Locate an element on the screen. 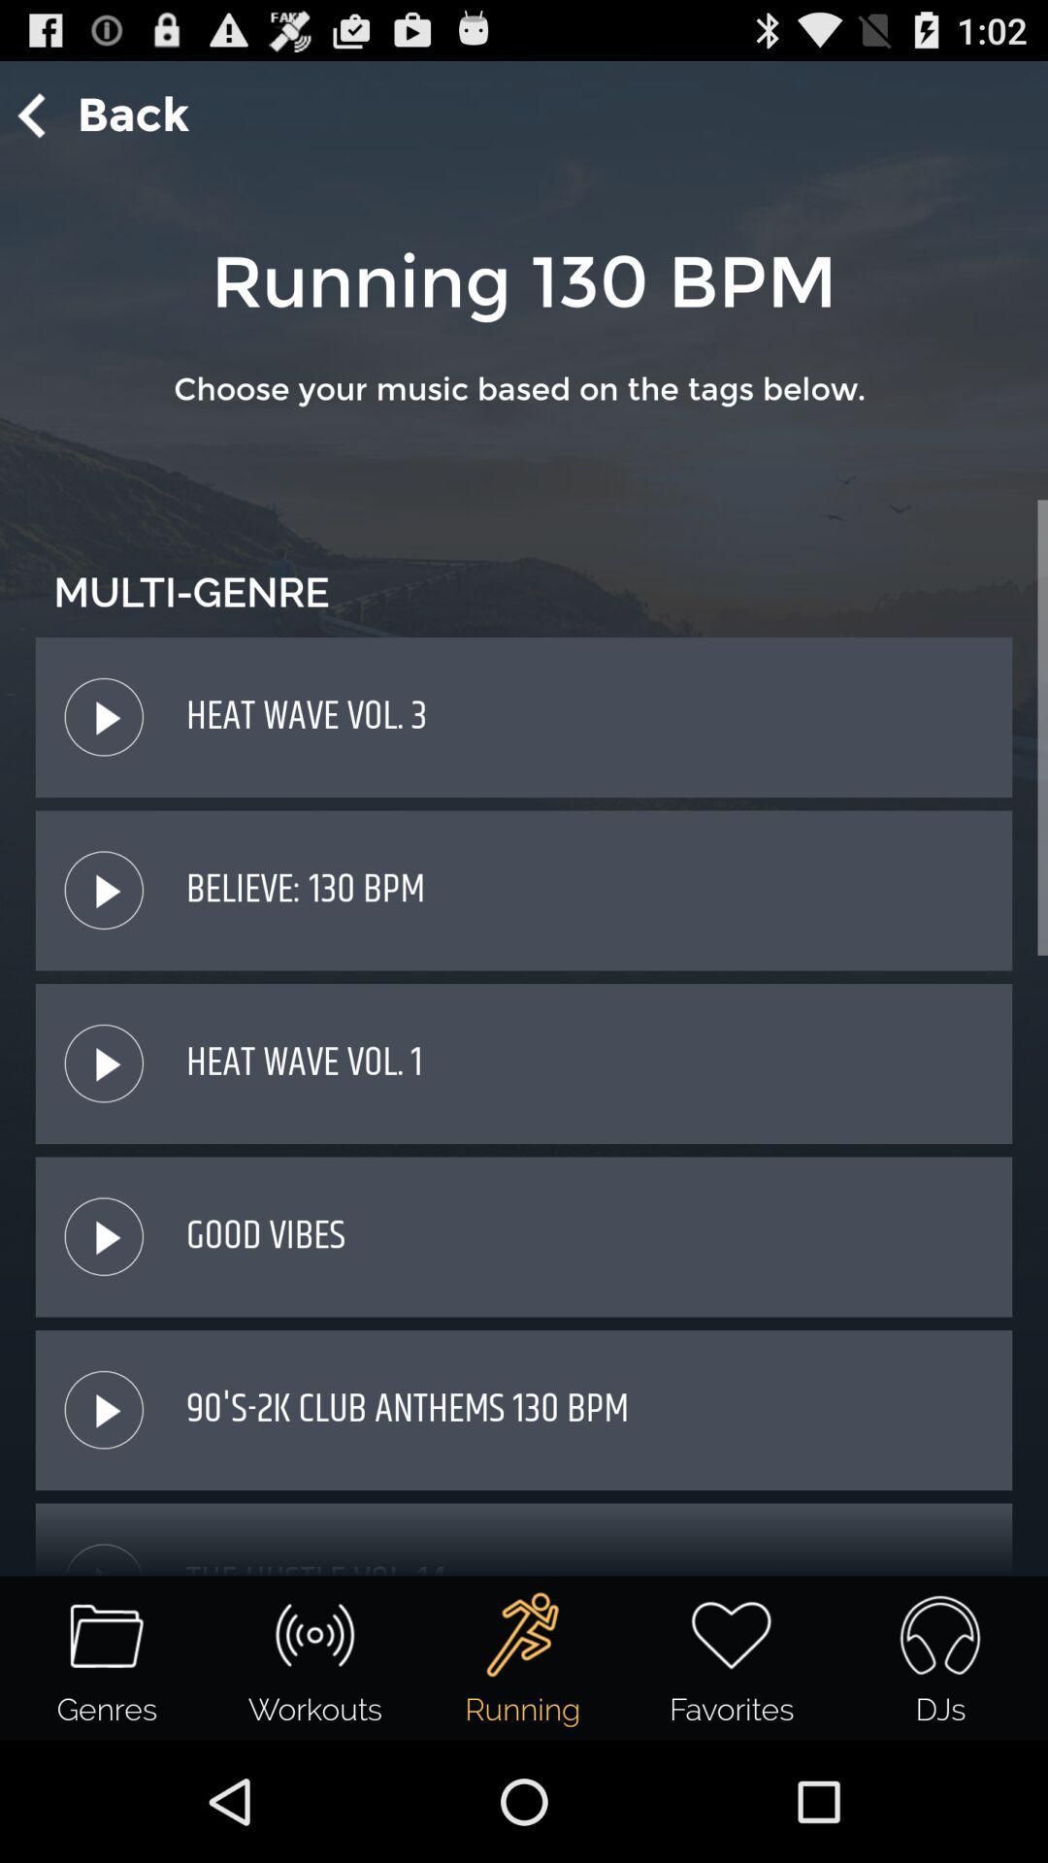  the play icon which is beside good vibes is located at coordinates (104, 1235).